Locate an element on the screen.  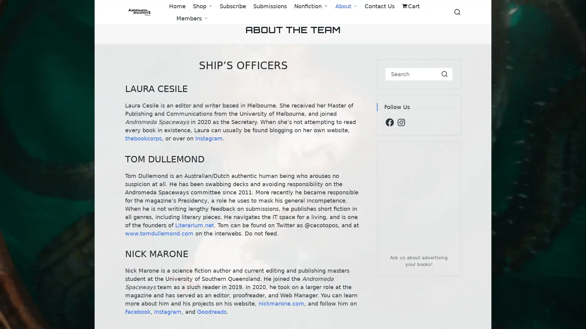
Search is located at coordinates (444, 74).